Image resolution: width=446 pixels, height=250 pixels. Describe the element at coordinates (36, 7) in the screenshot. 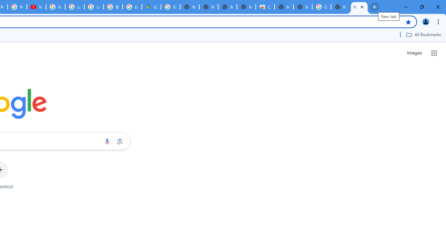

I see `'YouTube'` at that location.